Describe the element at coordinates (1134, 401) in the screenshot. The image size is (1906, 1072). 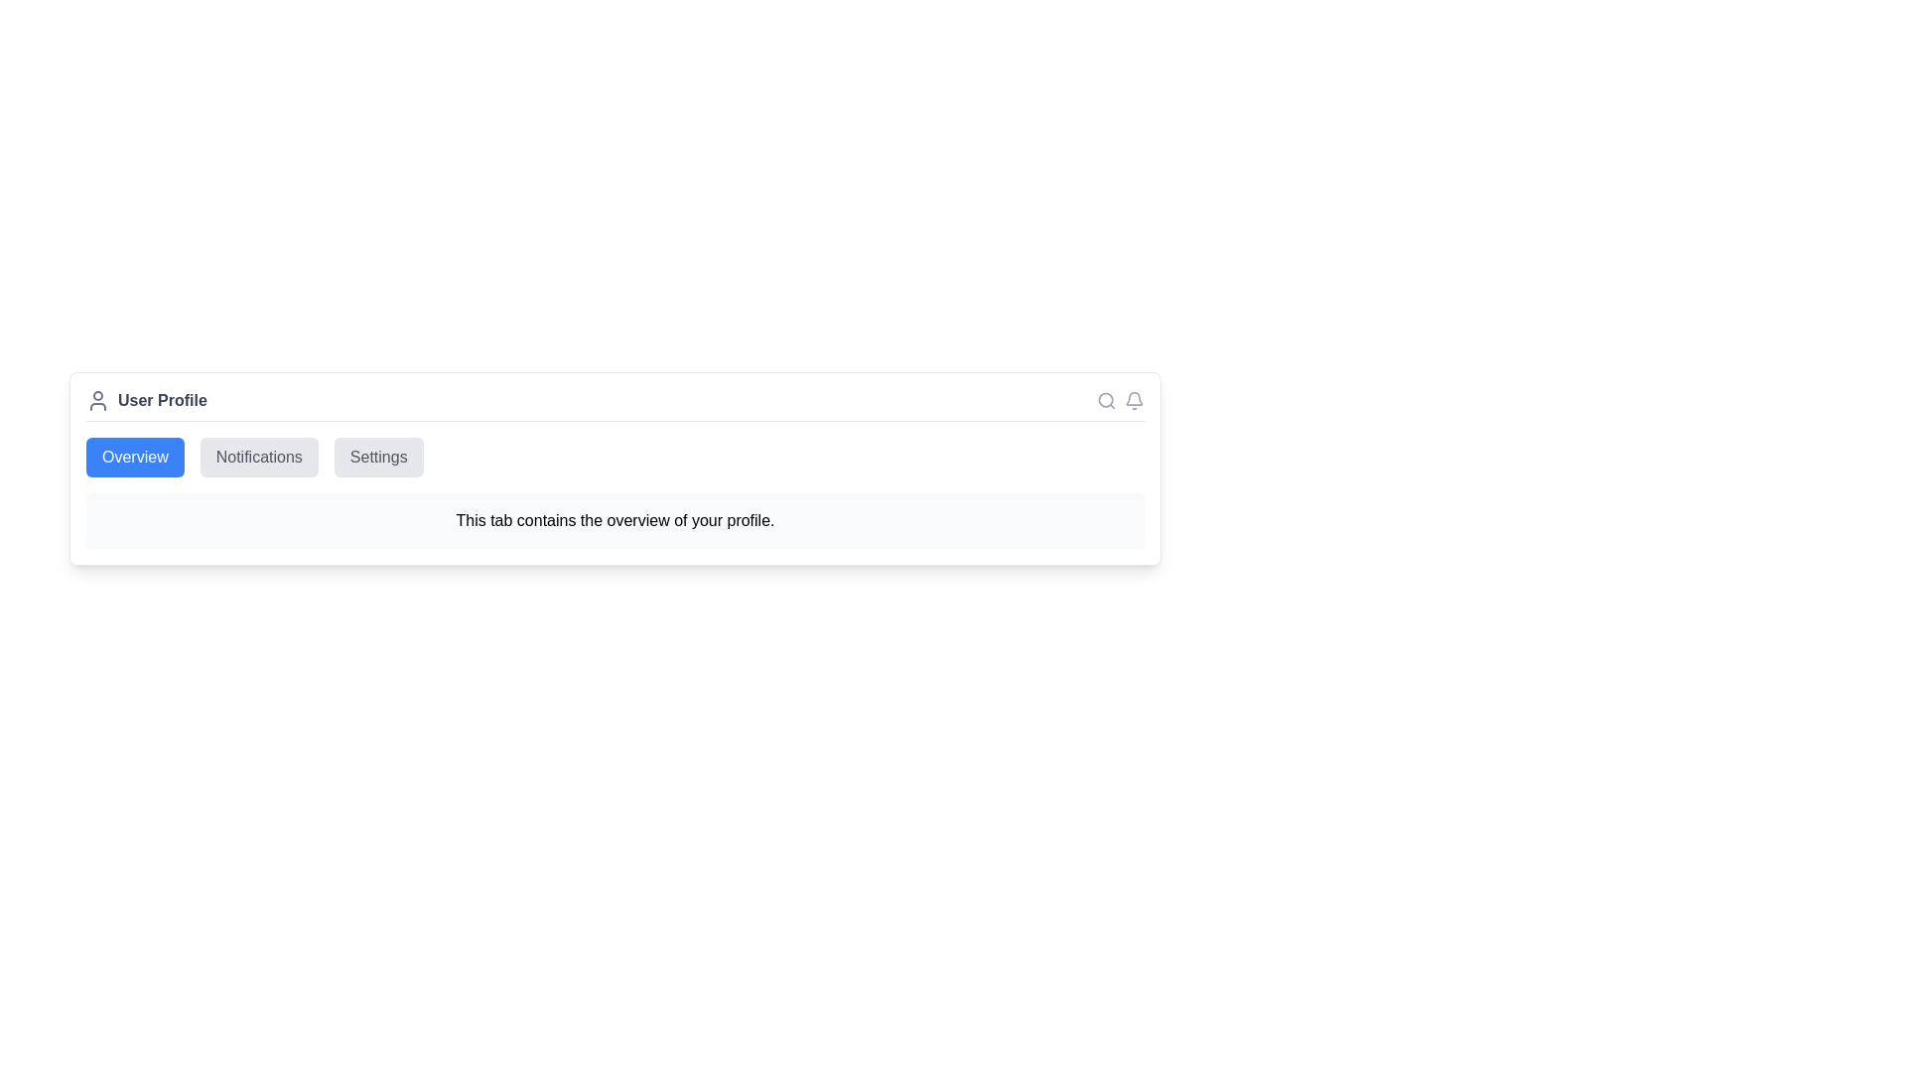
I see `the notifications icon to interact with it` at that location.